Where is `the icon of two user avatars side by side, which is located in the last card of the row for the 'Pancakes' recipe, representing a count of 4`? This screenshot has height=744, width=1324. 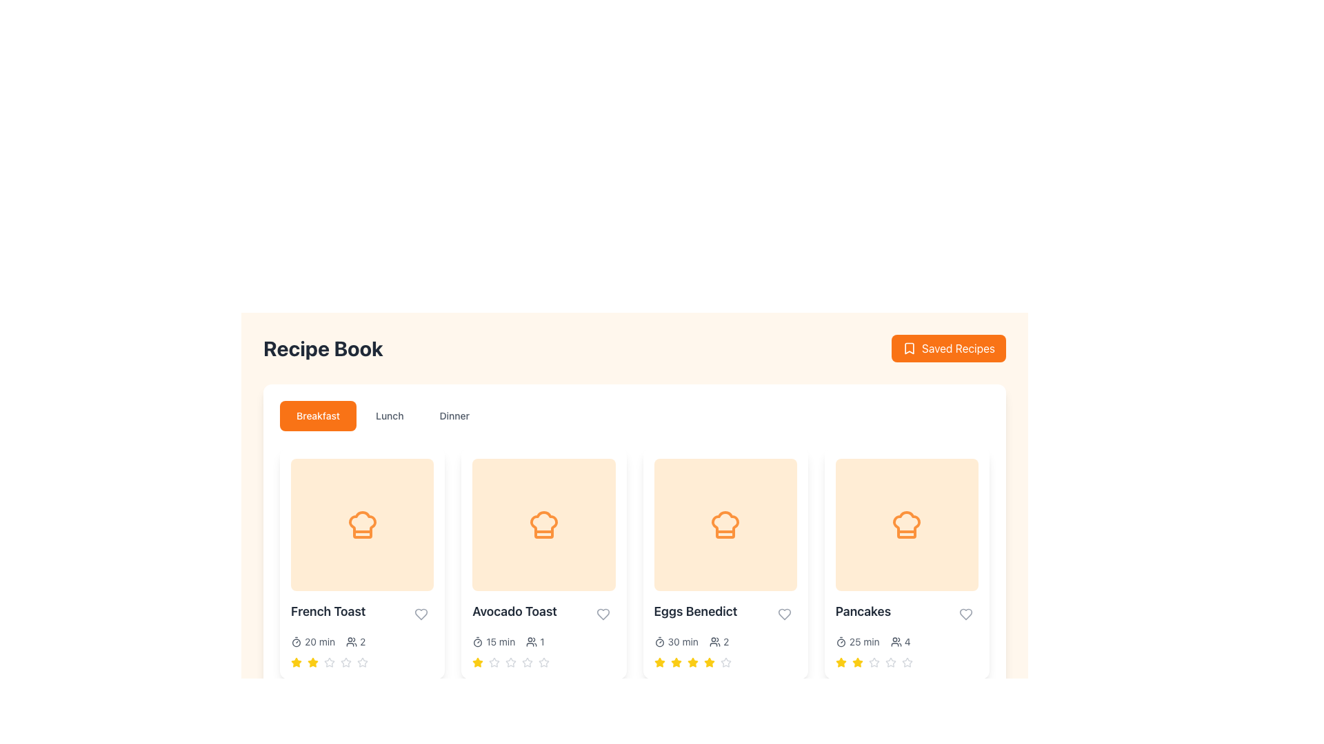
the icon of two user avatars side by side, which is located in the last card of the row for the 'Pancakes' recipe, representing a count of 4 is located at coordinates (896, 642).